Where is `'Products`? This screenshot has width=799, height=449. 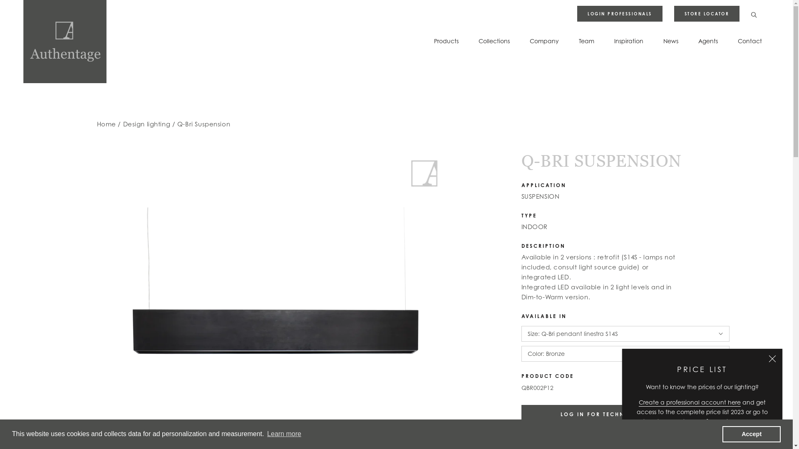
'Products is located at coordinates (433, 41).